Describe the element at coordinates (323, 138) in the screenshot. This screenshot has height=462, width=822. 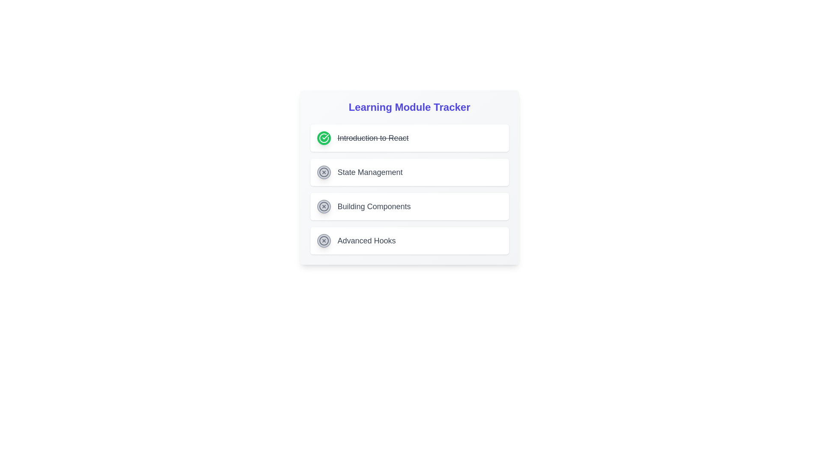
I see `the circular button with a green background and a white checkmark icon, located to the left of the 'Introduction to React' text in the 'Learning Module Tracker' list` at that location.